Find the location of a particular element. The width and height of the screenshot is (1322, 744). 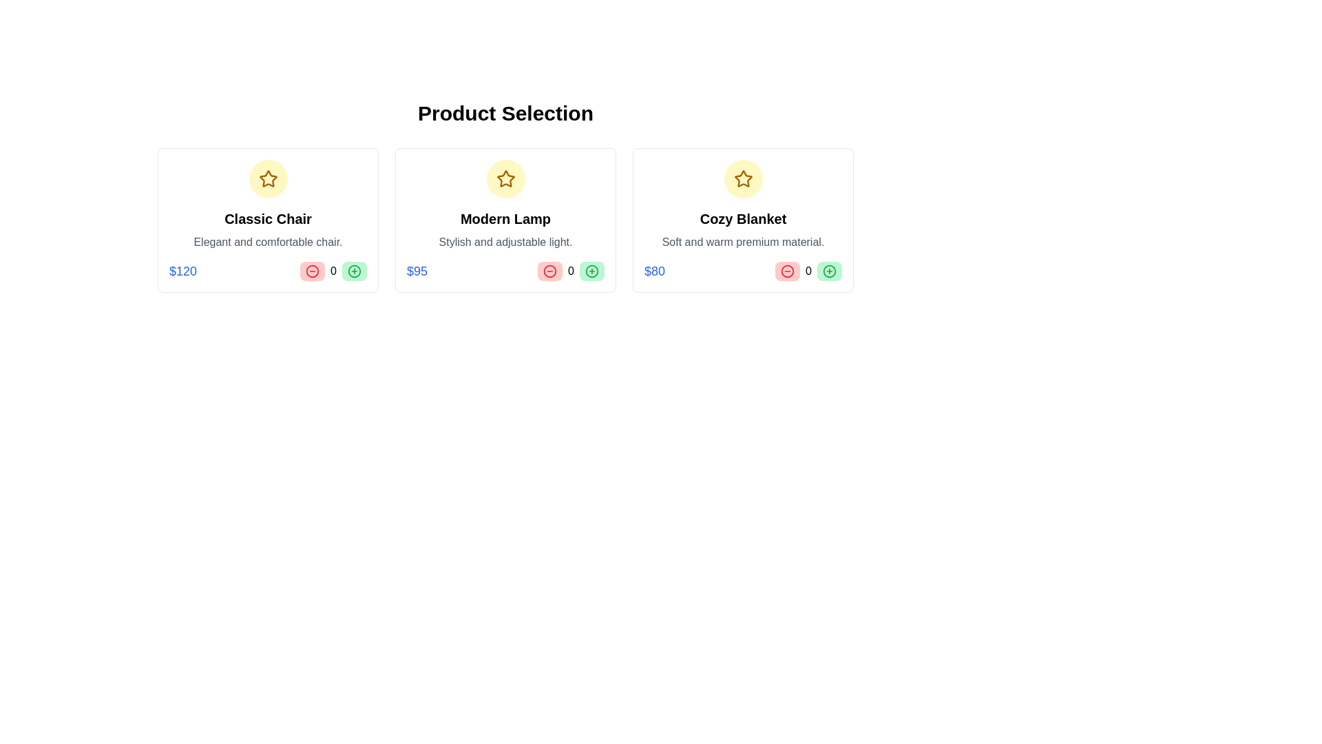

the rating or favorite indicator icon for the 'Cozy Blanket' product, located in the top section of the card above the product description is located at coordinates (742, 178).